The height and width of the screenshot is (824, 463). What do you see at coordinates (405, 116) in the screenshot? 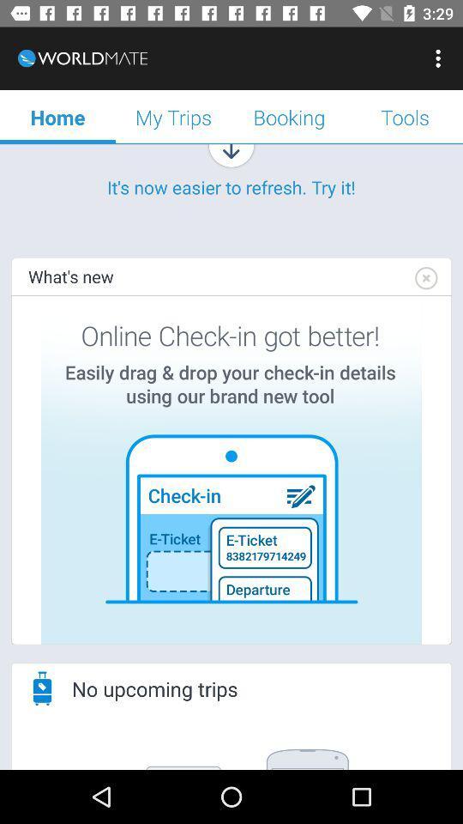
I see `icon to the right of booking app` at bounding box center [405, 116].